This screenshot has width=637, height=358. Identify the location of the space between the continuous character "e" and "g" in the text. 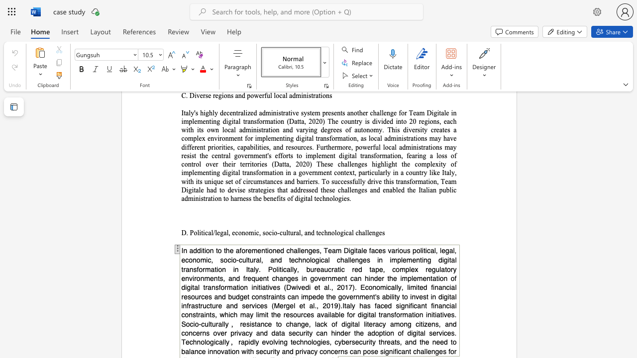
(219, 233).